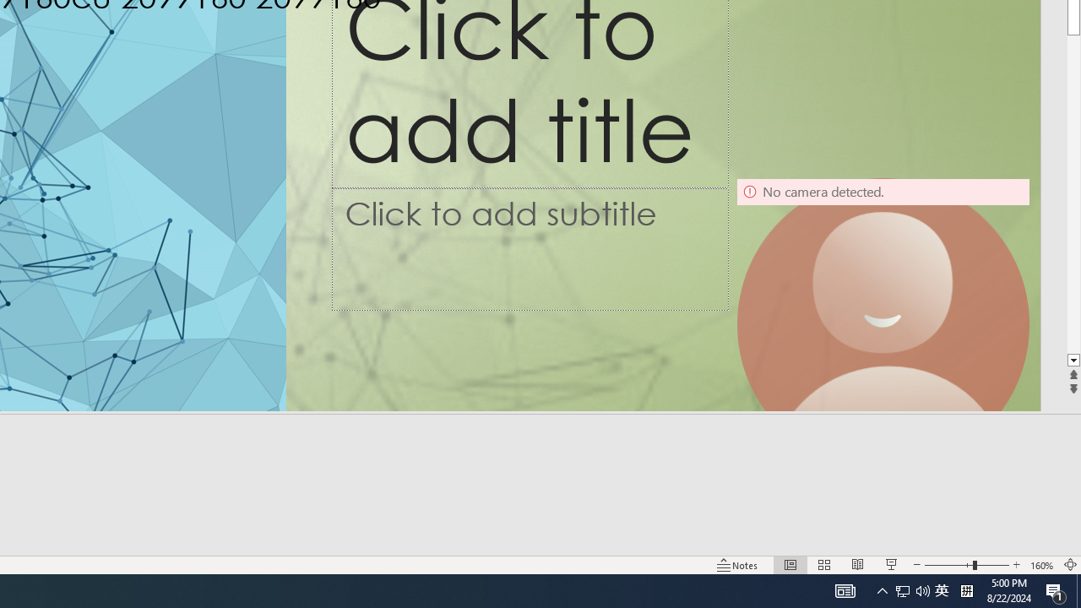  Describe the element at coordinates (948, 565) in the screenshot. I see `'Zoom Out'` at that location.